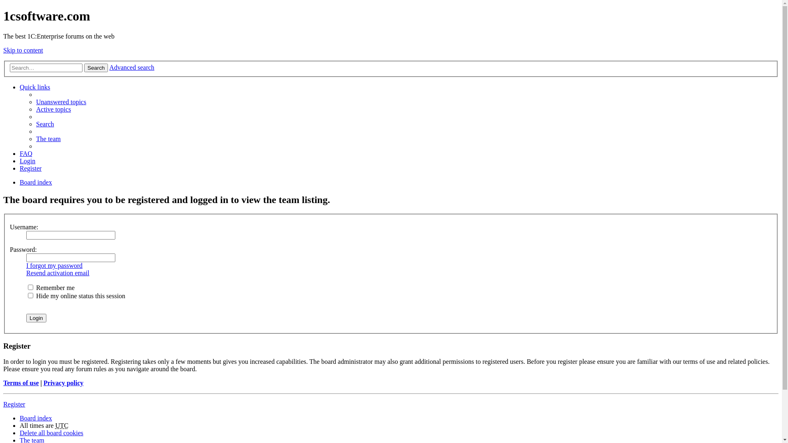 The width and height of the screenshot is (788, 443). I want to click on 'Search', so click(96, 67).